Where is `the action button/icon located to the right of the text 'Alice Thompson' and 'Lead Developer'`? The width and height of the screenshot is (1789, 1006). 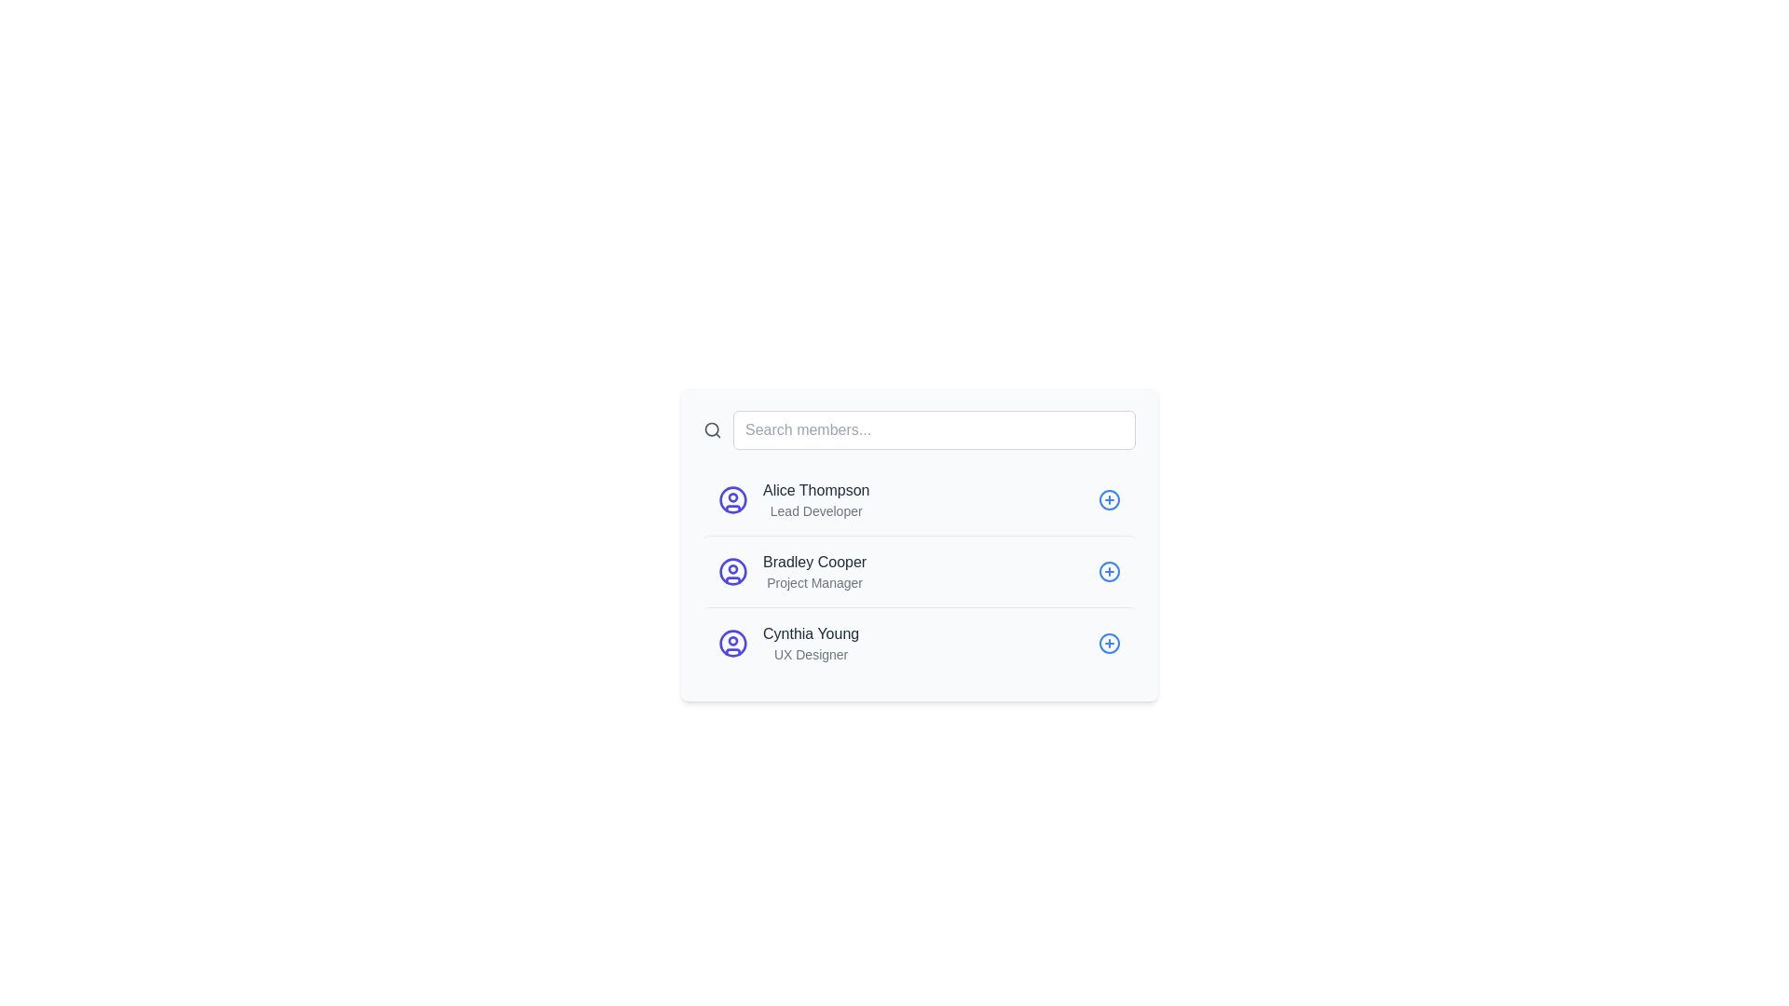 the action button/icon located to the right of the text 'Alice Thompson' and 'Lead Developer' is located at coordinates (1109, 498).